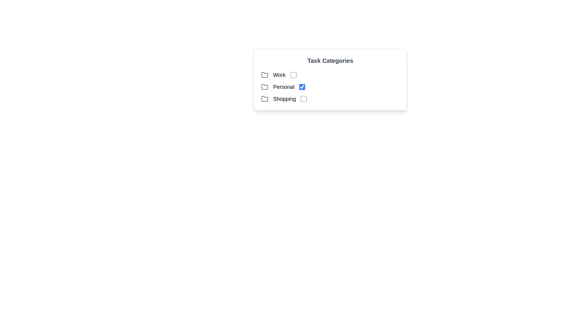 The height and width of the screenshot is (323, 575). Describe the element at coordinates (330, 87) in the screenshot. I see `the 'Personal' task category row with checkbox` at that location.